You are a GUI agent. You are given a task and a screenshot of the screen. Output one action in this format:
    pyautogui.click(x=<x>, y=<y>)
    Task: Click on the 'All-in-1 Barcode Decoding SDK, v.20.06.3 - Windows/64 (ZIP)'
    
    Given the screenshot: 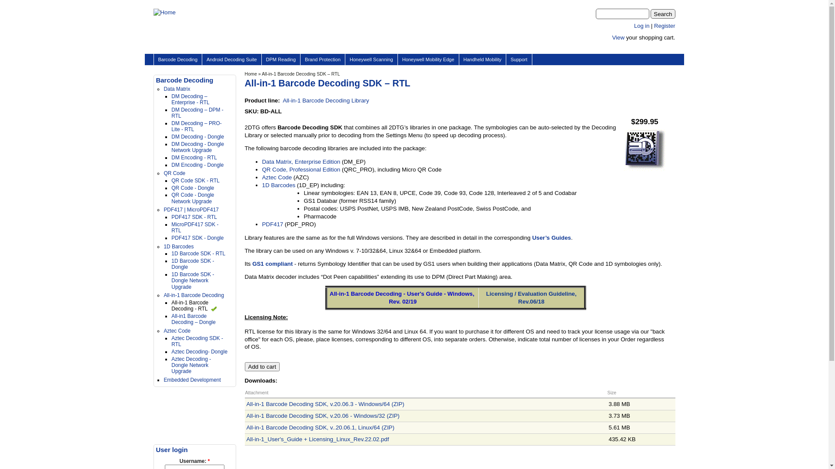 What is the action you would take?
    pyautogui.click(x=324, y=404)
    